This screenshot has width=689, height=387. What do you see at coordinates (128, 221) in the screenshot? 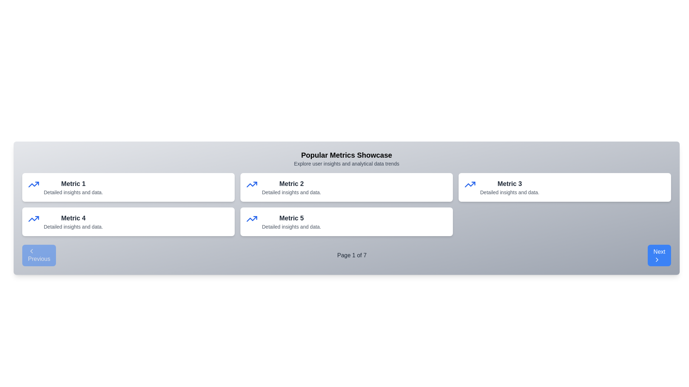
I see `the card UI element displaying the title 'Metric 4', located in the second row, first column of the grid layout, positioned below 'Metric 1' and to the left of 'Metric 5'` at bounding box center [128, 221].